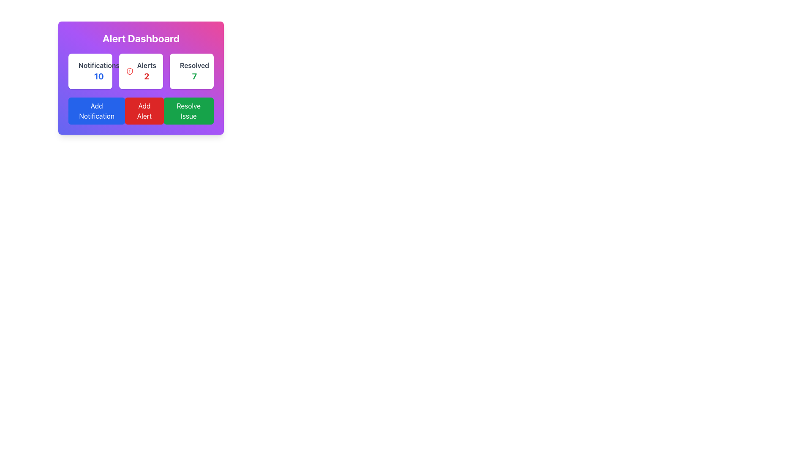  What do you see at coordinates (141, 71) in the screenshot?
I see `the Info Card displaying the count of 'Alerts' in the dashboard, which is the second card in a grid layout under the 'Alert Dashboard' header` at bounding box center [141, 71].